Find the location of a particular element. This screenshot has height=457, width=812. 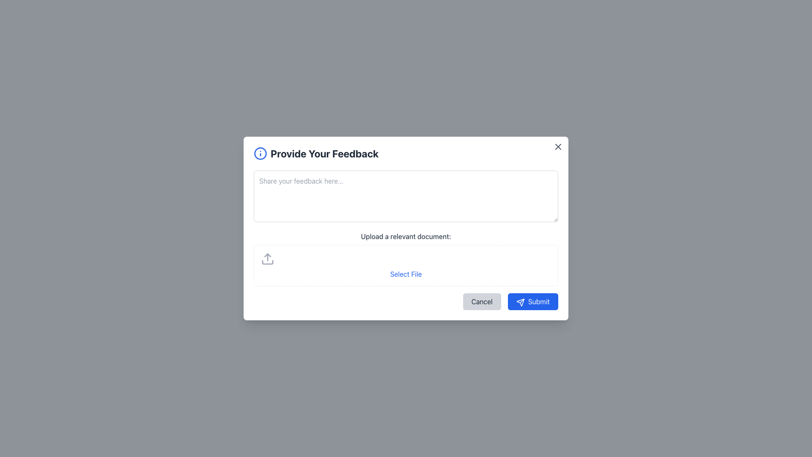

the bottom part of the document upload icon, which enhances its recognizability within the 'Upload a relevant document' box is located at coordinates (267, 262).